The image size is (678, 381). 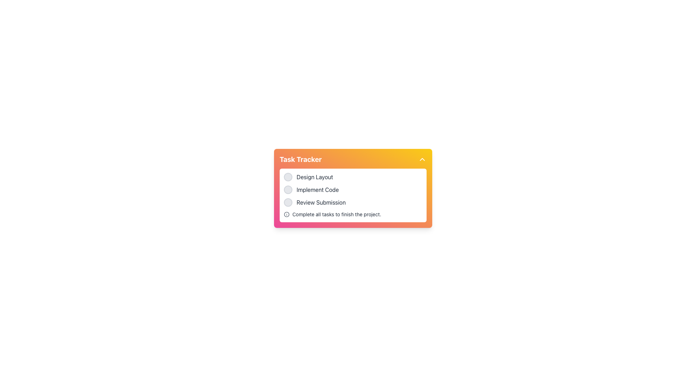 What do you see at coordinates (286, 214) in the screenshot?
I see `the informational icon located to the left of the text 'Complete all tasks` at bounding box center [286, 214].